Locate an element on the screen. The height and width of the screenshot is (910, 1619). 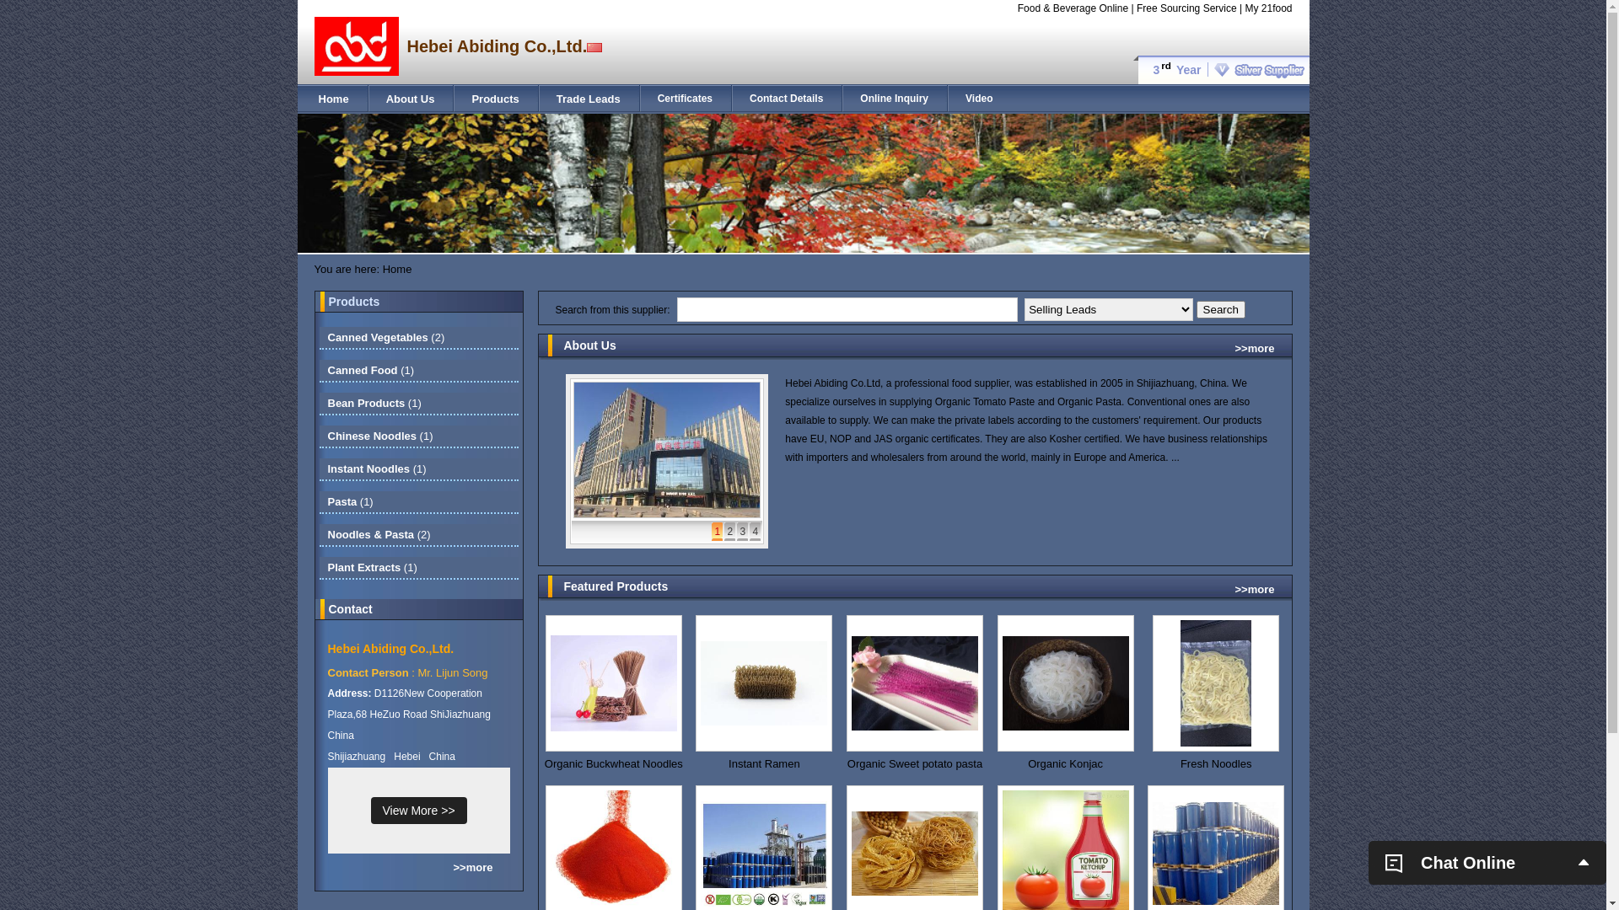
'Canned Food (1)' is located at coordinates (369, 369).